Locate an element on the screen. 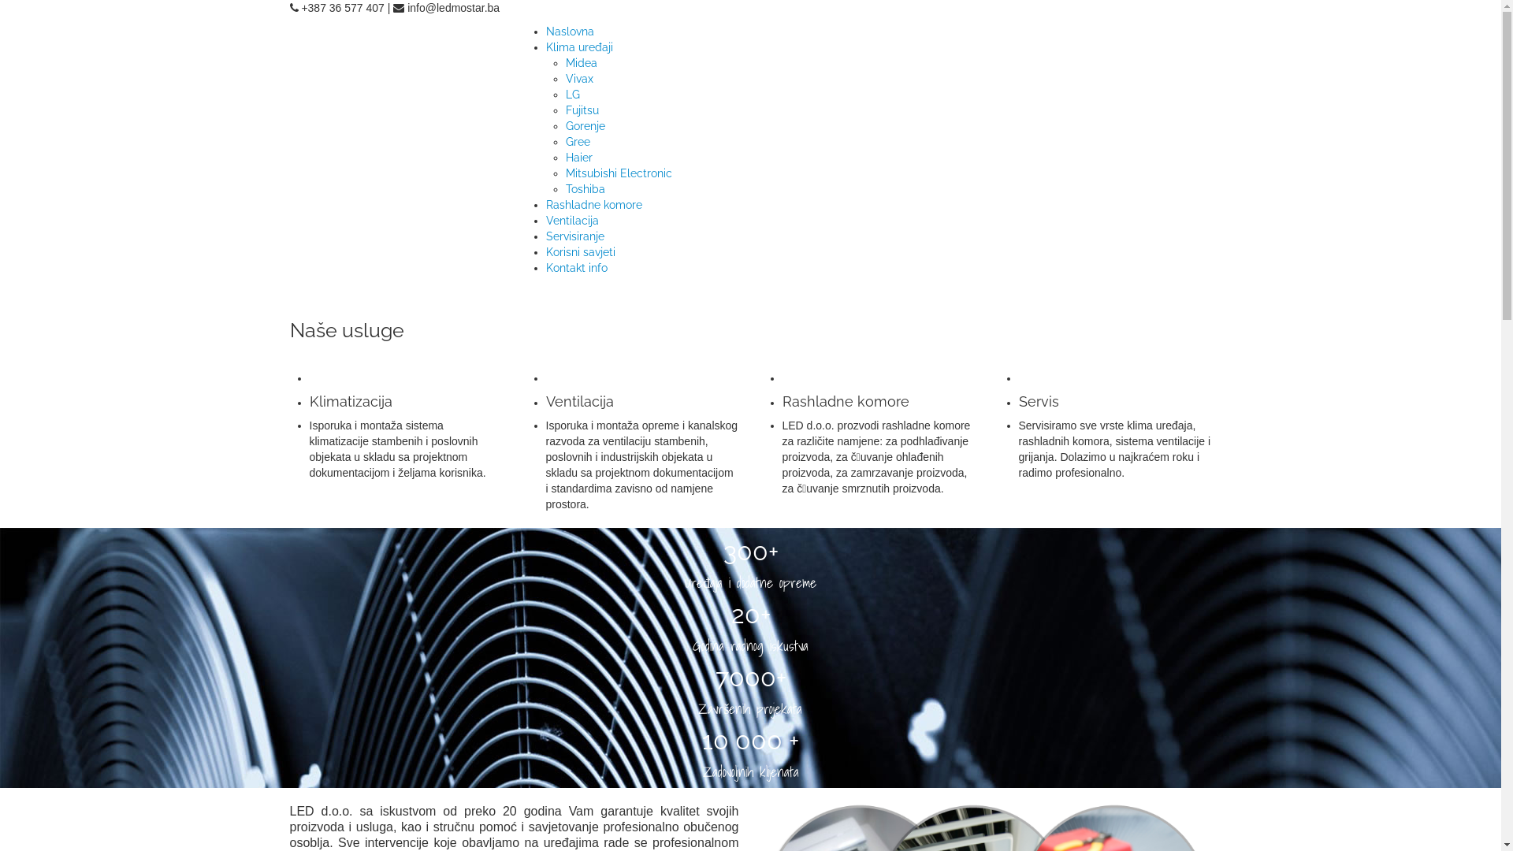 The height and width of the screenshot is (851, 1513). 'Rashladne komore' is located at coordinates (593, 203).